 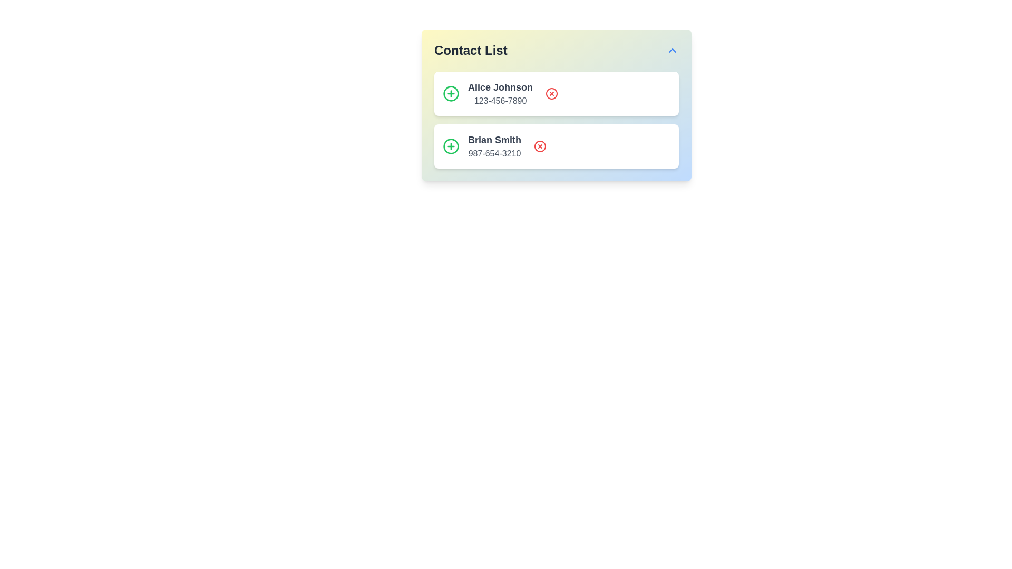 I want to click on the button located to the left of the text 'Brian Smith' in the contact list, so click(x=451, y=146).